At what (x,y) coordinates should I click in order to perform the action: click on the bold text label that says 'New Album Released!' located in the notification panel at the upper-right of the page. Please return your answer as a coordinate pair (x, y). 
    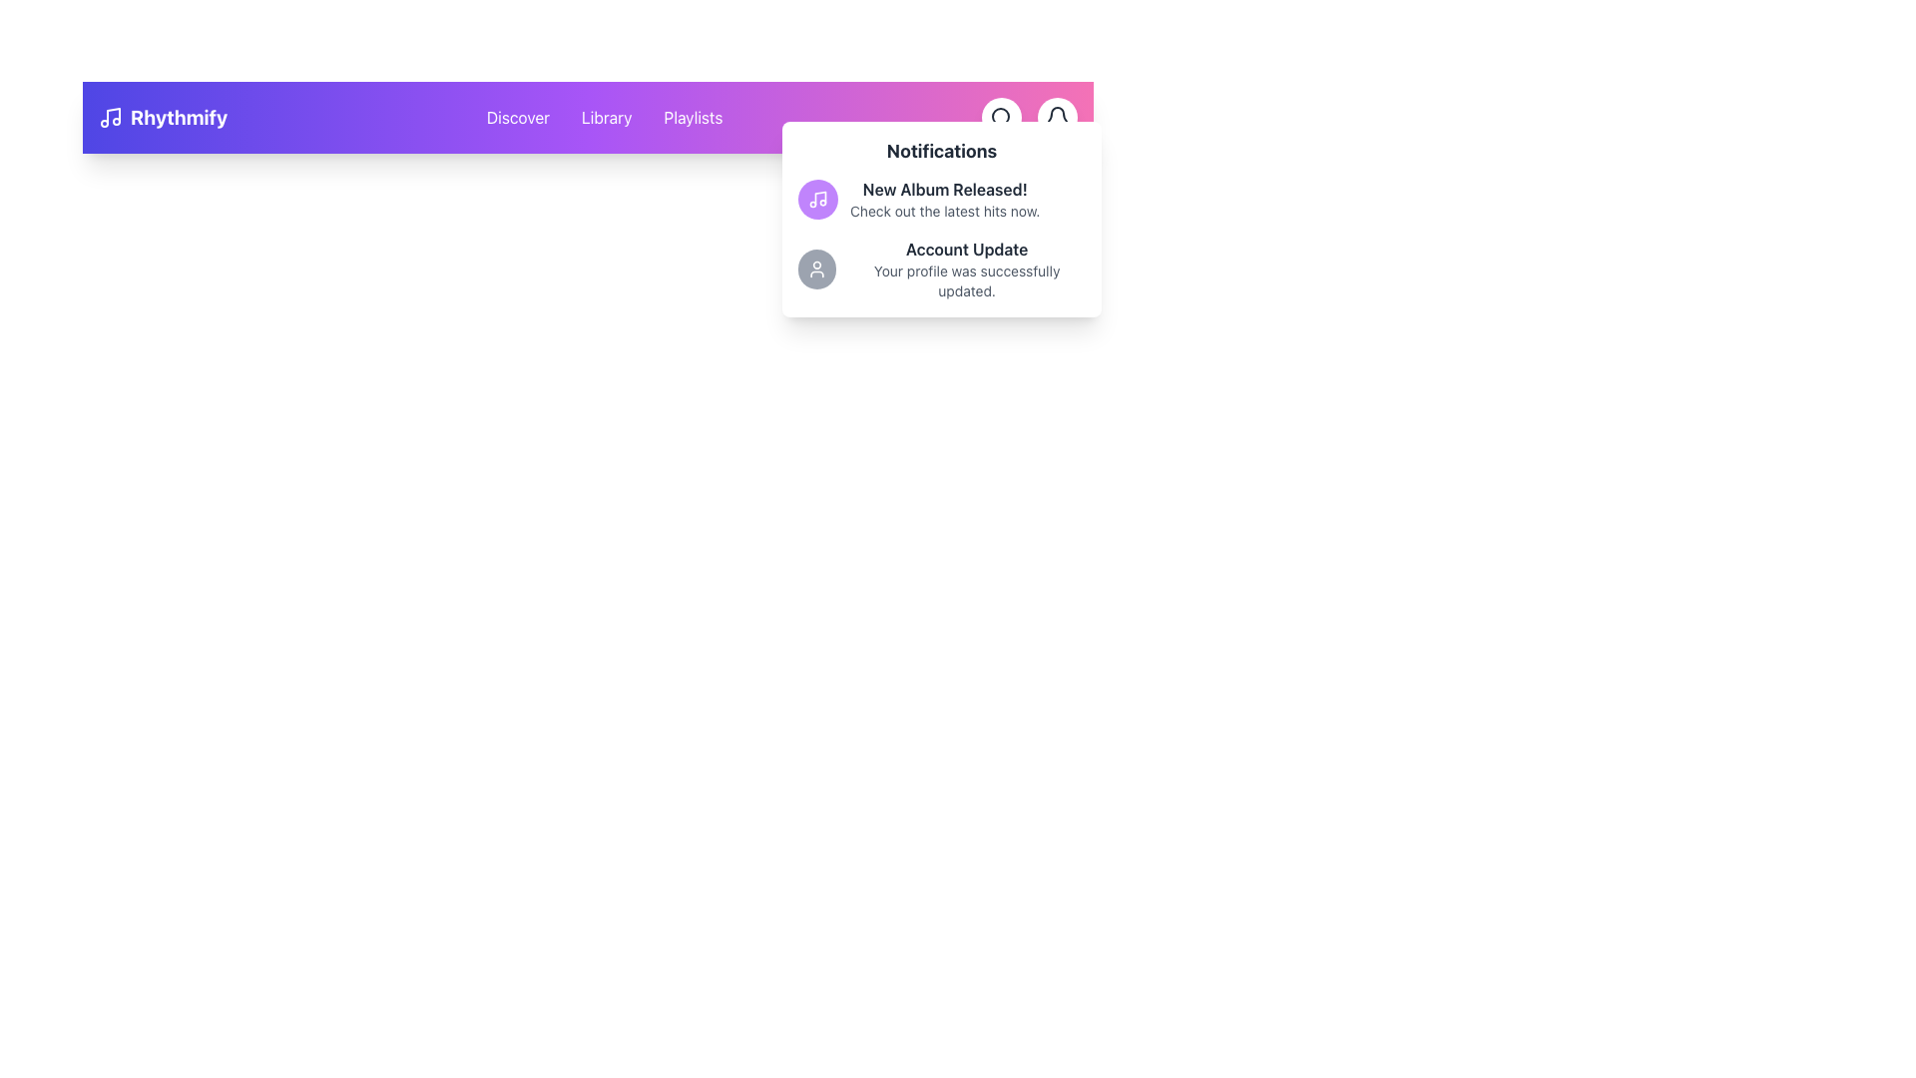
    Looking at the image, I should click on (944, 189).